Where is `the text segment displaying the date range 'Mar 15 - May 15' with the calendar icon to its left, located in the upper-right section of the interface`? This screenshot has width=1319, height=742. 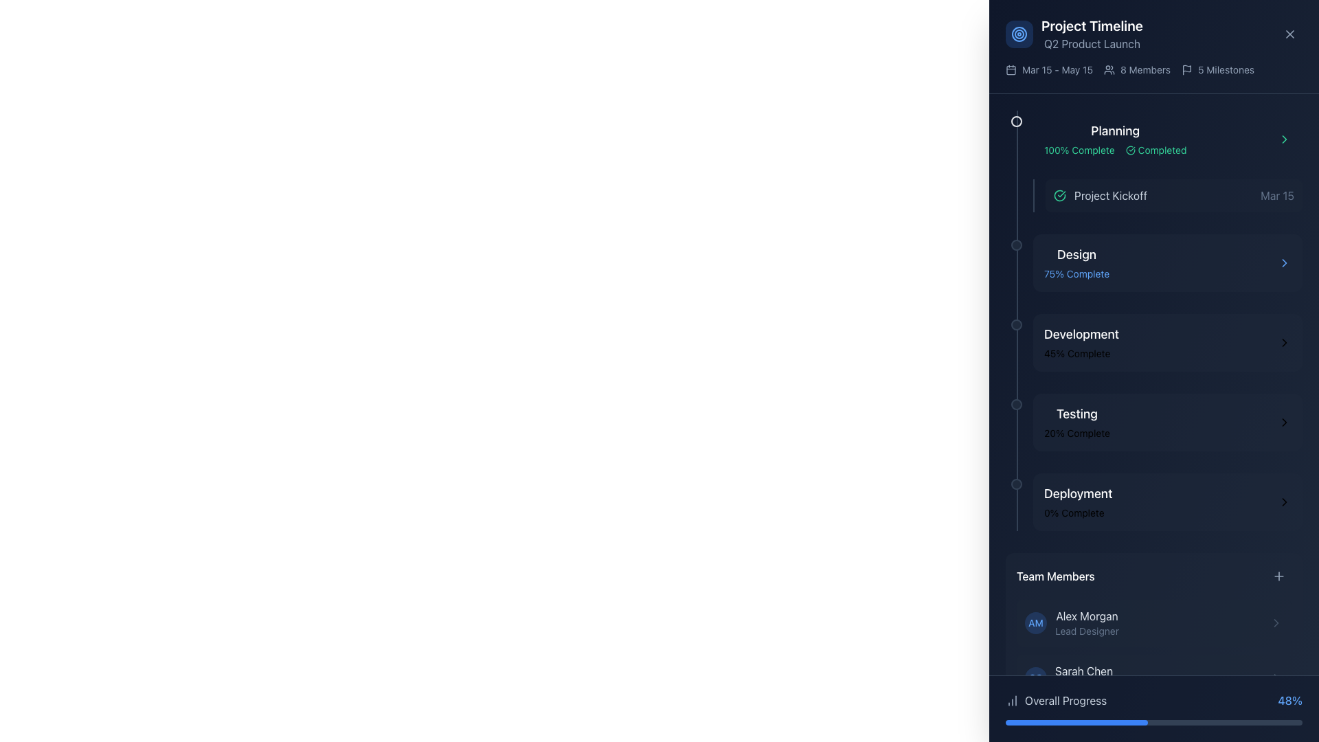
the text segment displaying the date range 'Mar 15 - May 15' with the calendar icon to its left, located in the upper-right section of the interface is located at coordinates (1048, 69).